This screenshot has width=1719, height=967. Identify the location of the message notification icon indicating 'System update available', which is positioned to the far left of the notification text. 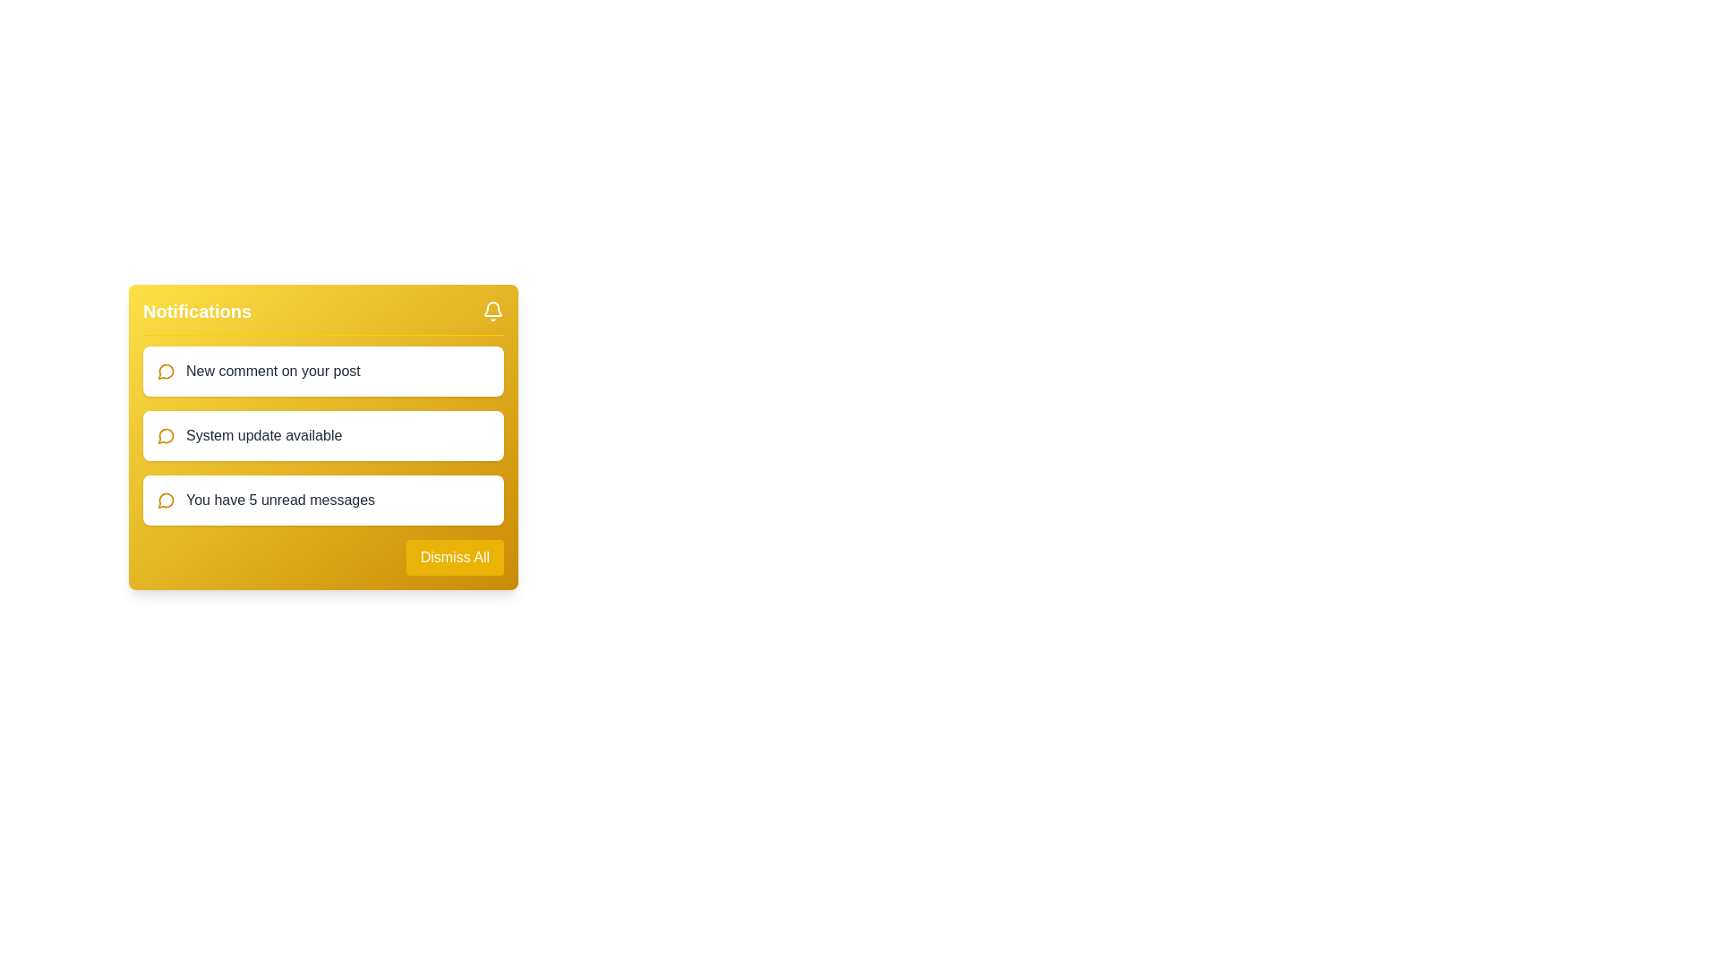
(167, 435).